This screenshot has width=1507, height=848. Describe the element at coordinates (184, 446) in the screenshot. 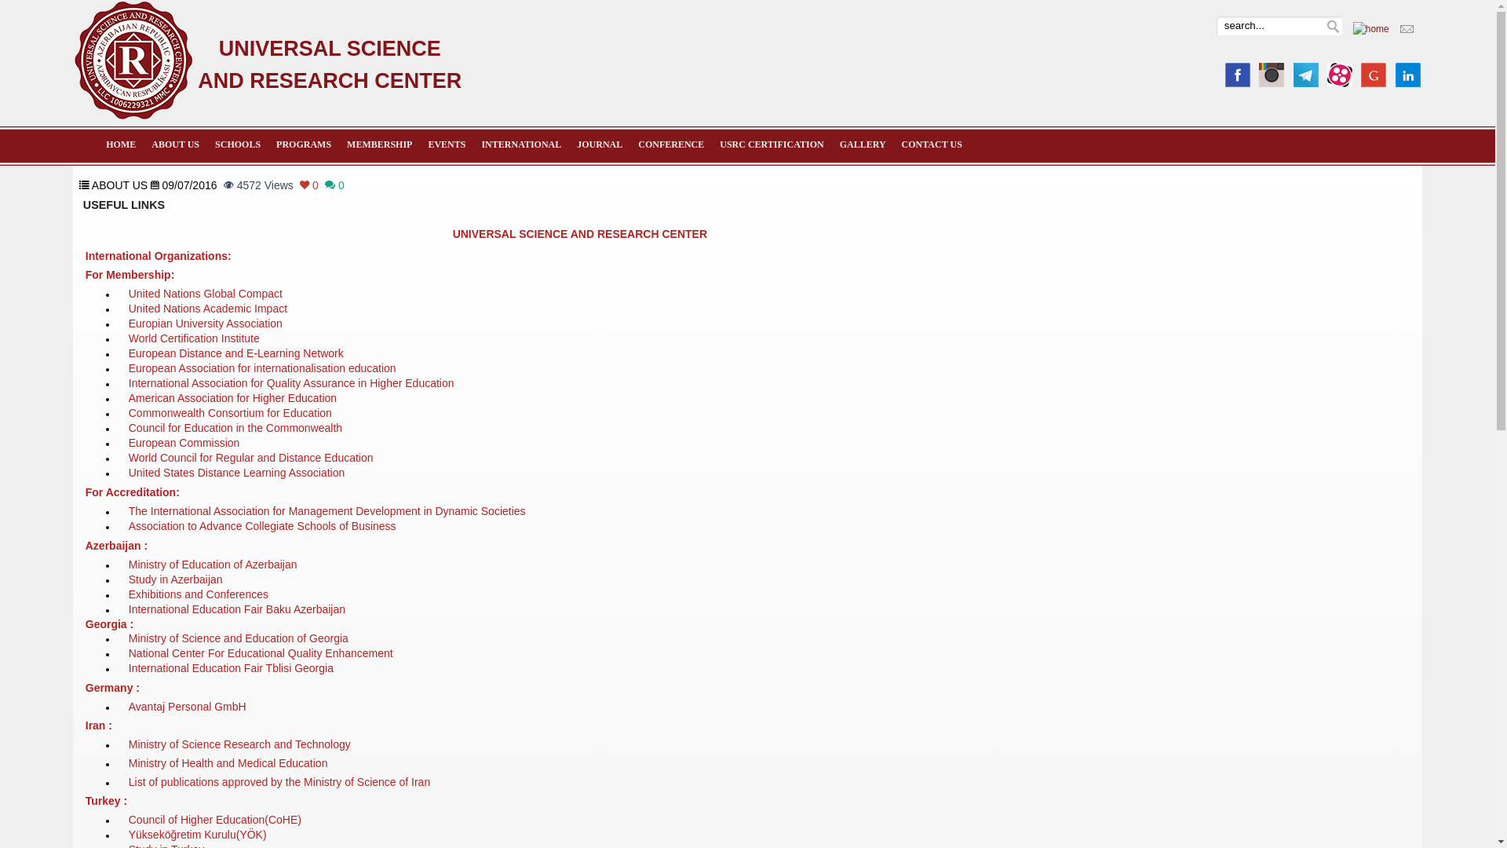

I see `'European Commission'` at that location.